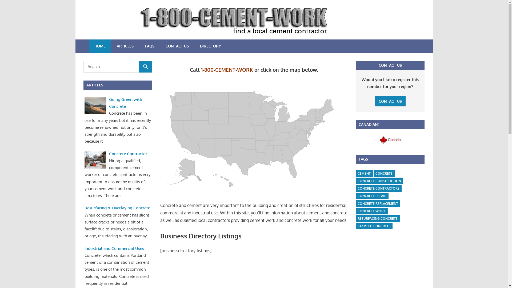  What do you see at coordinates (378, 188) in the screenshot?
I see `'CONCRETE CONTRACTORS'` at bounding box center [378, 188].